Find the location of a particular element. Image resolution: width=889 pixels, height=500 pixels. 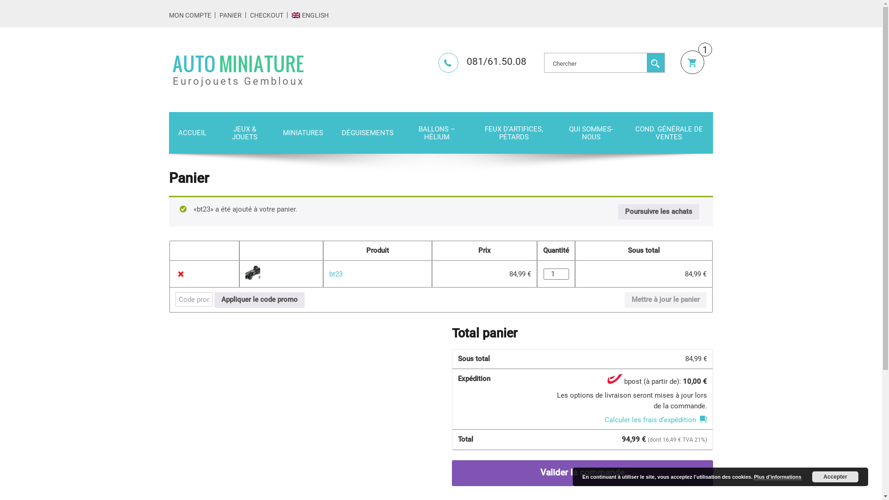

'ACCUEIL' is located at coordinates (169, 132).